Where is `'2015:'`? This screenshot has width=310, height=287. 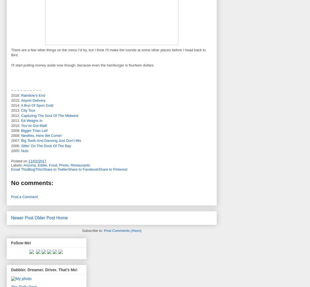
'2015:' is located at coordinates (16, 100).